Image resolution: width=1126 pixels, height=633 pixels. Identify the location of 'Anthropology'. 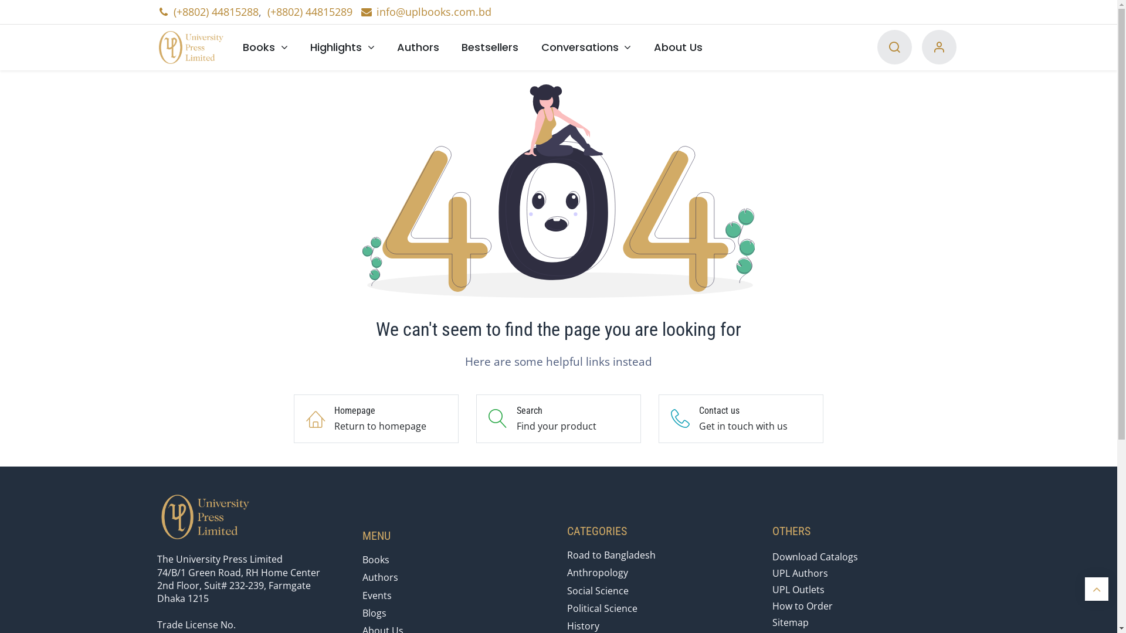
(597, 571).